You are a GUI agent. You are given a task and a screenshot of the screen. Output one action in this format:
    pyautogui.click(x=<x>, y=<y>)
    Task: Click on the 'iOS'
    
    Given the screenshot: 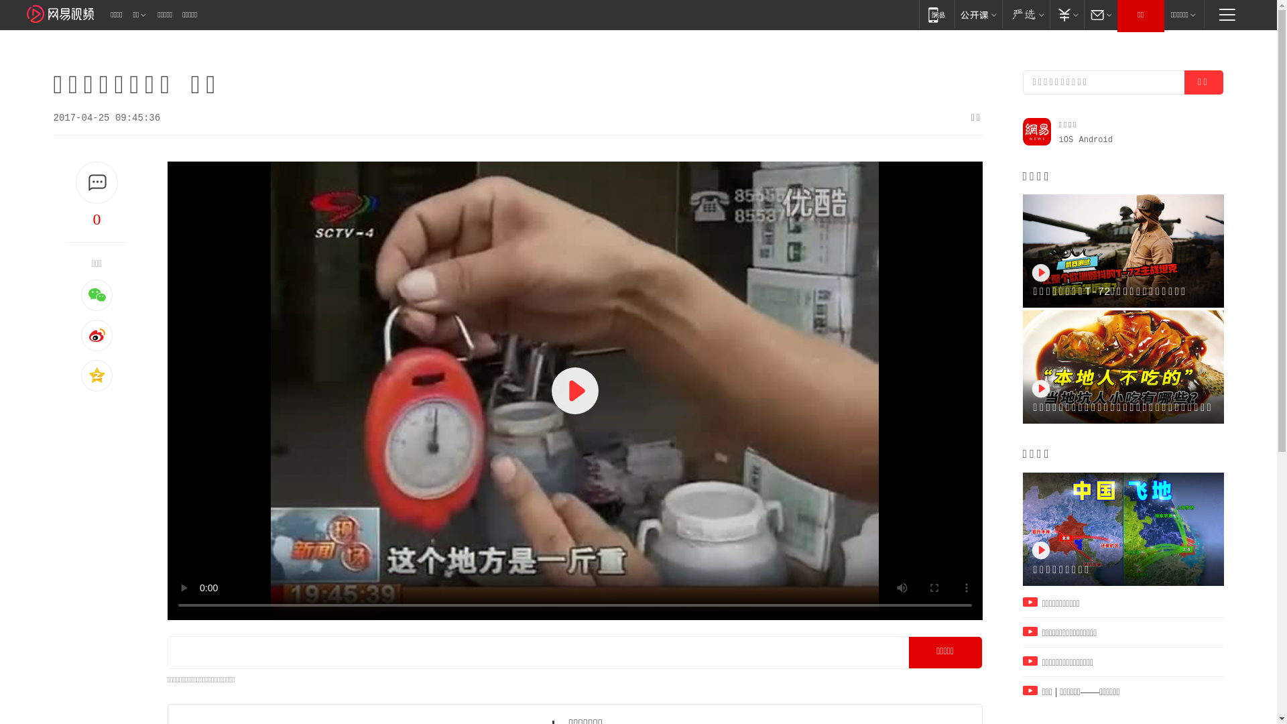 What is the action you would take?
    pyautogui.click(x=1065, y=139)
    